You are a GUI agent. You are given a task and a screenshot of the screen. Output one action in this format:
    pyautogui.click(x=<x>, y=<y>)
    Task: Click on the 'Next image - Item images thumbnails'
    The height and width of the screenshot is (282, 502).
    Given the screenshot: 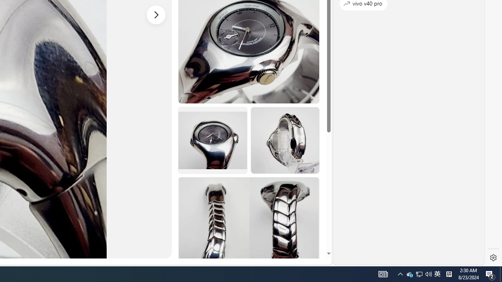 What is the action you would take?
    pyautogui.click(x=156, y=14)
    